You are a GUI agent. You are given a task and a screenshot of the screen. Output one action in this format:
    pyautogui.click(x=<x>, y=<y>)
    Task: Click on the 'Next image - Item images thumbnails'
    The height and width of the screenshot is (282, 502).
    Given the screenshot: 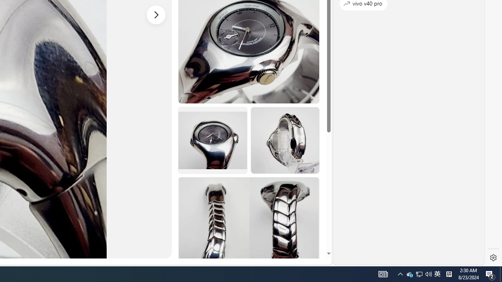 What is the action you would take?
    pyautogui.click(x=156, y=14)
    